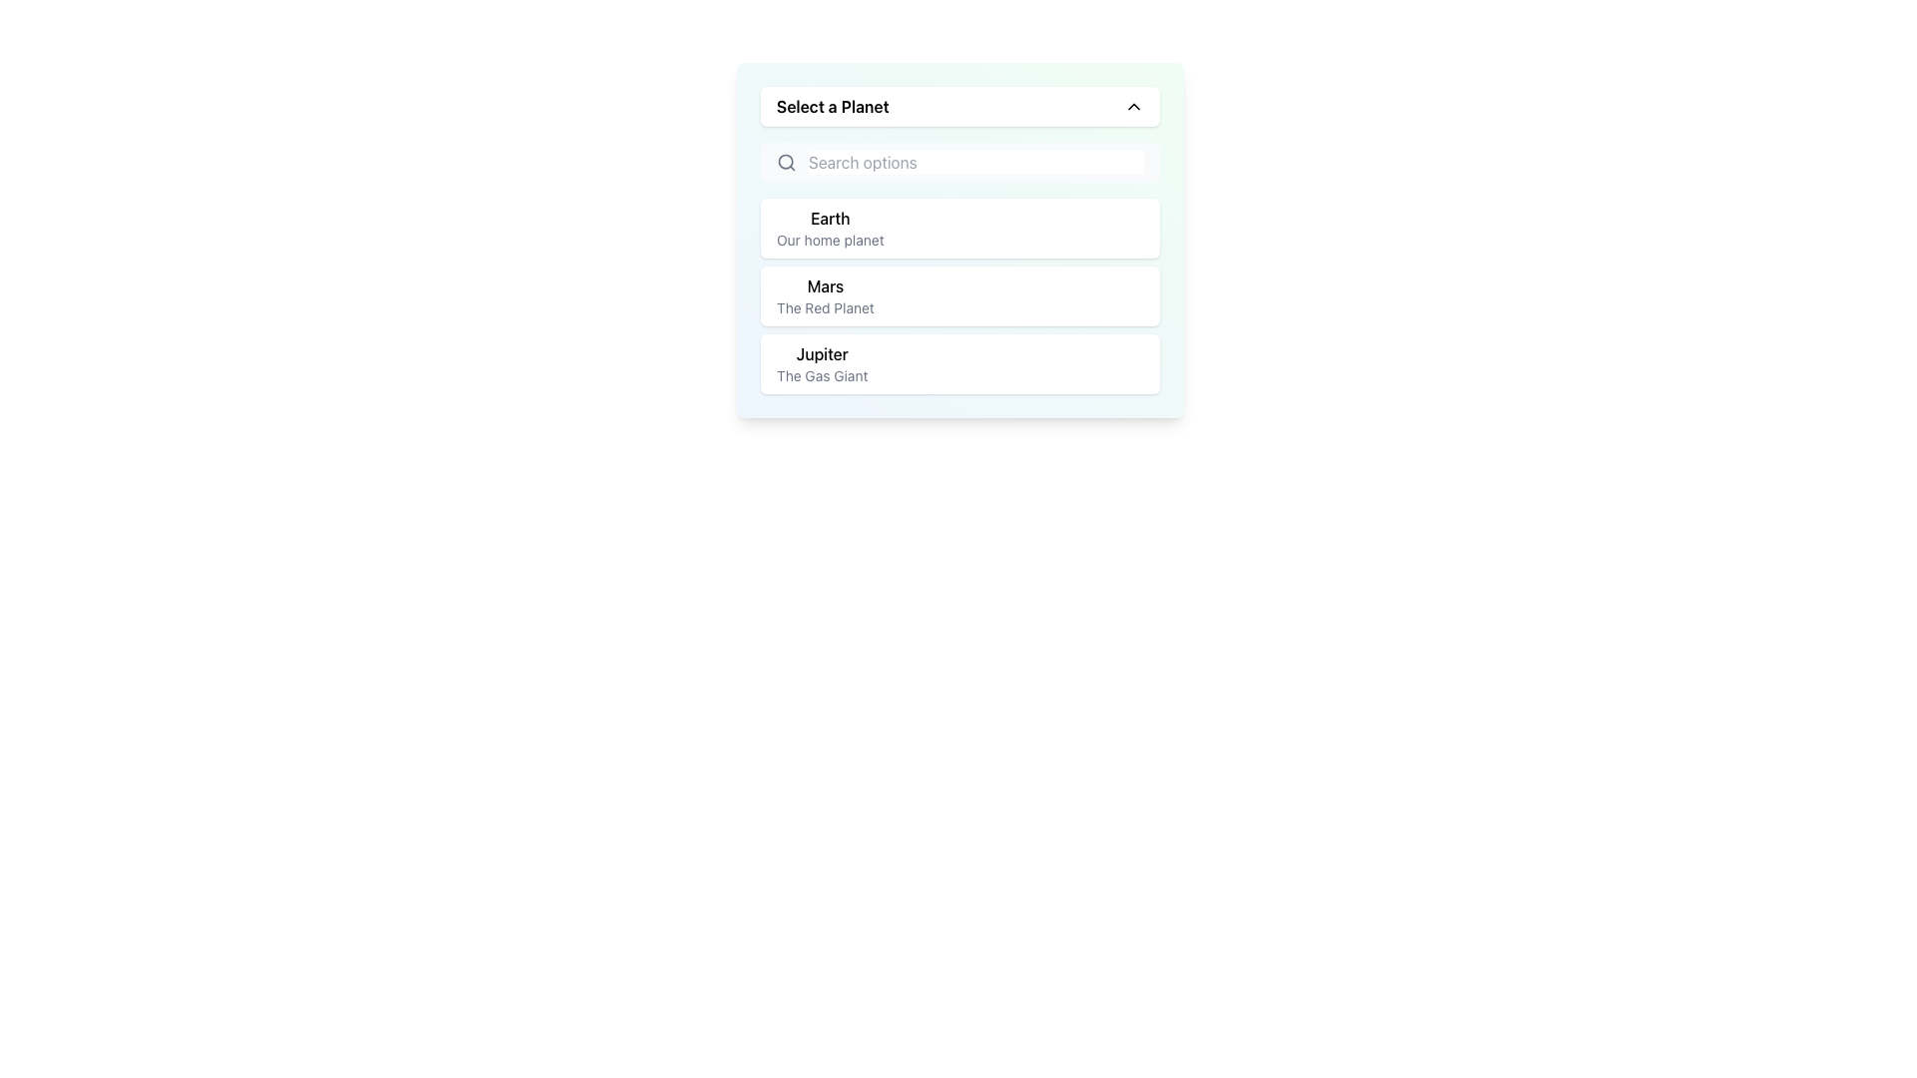 The width and height of the screenshot is (1917, 1078). What do you see at coordinates (830, 239) in the screenshot?
I see `the Text Label that provides a descriptive subtitle for the main list item 'Earth' in the dropdown menu` at bounding box center [830, 239].